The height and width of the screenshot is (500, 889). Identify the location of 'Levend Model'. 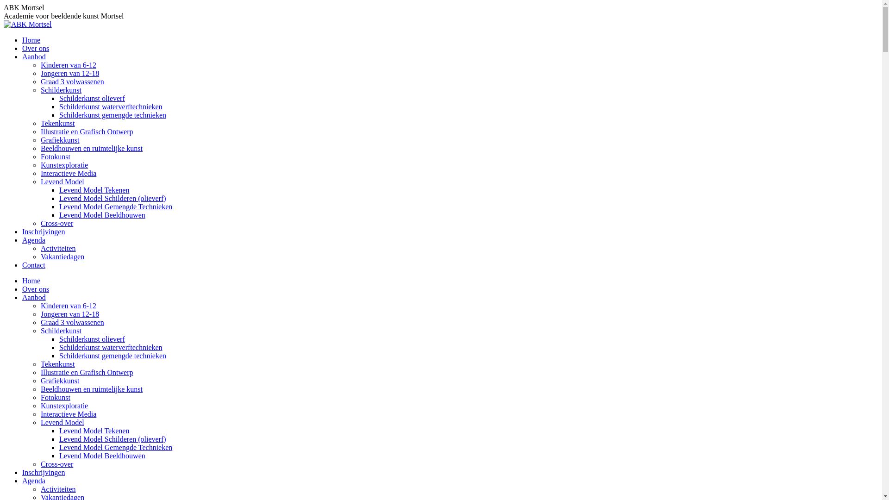
(40, 422).